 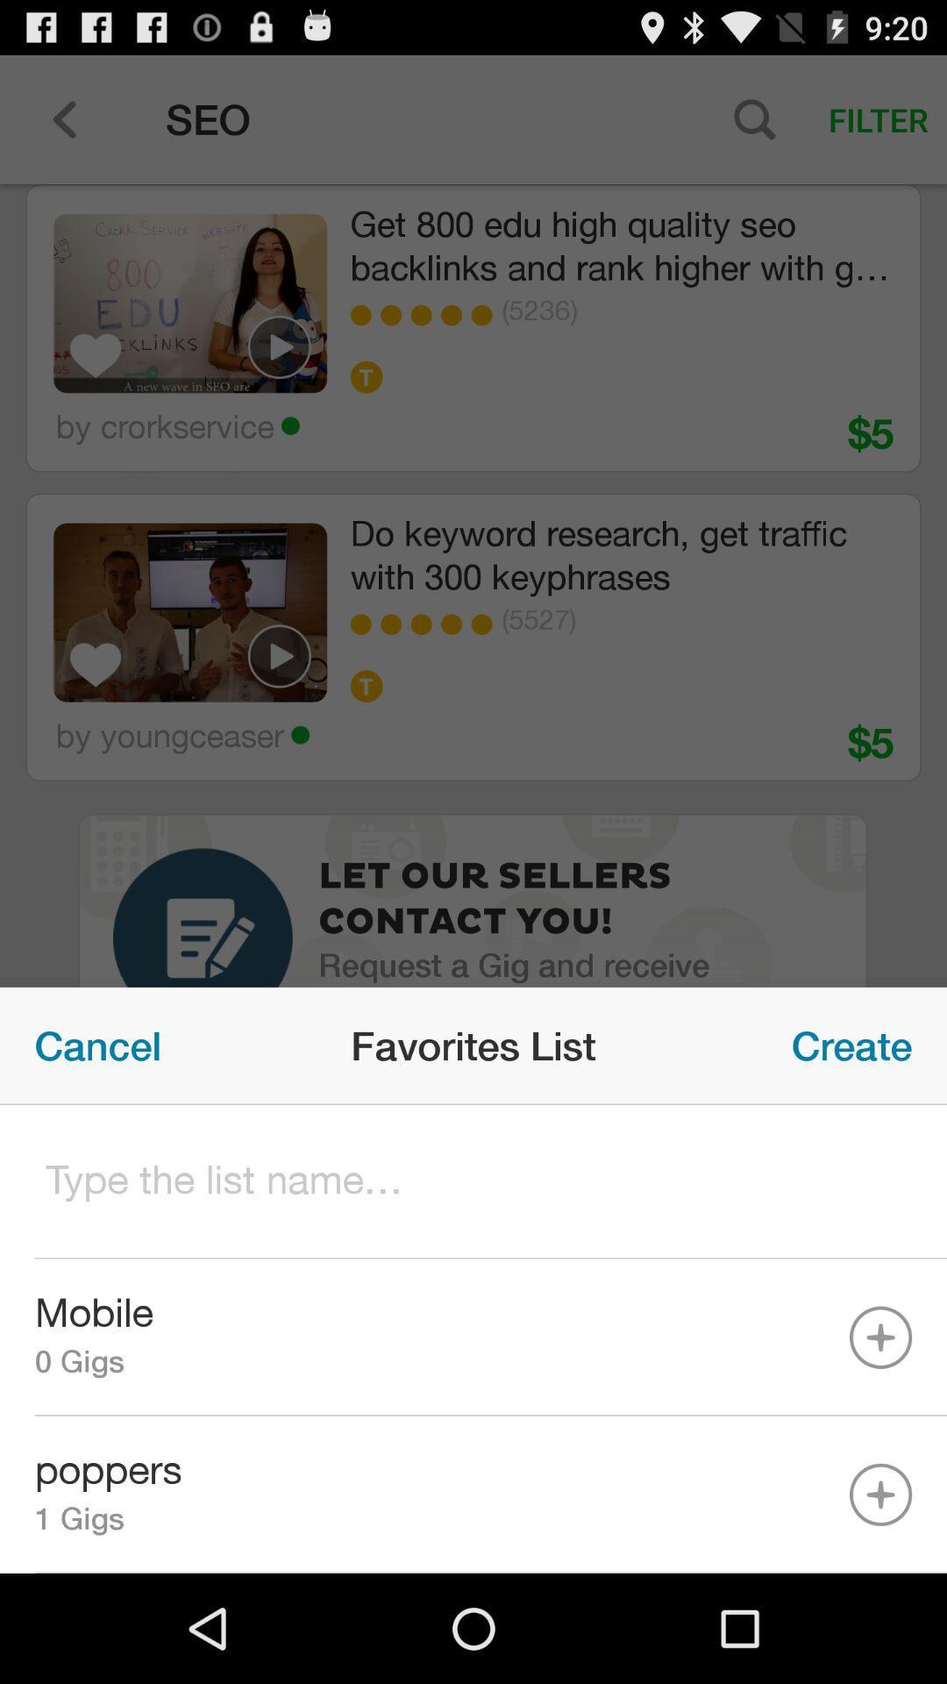 I want to click on the item next to favorites list item, so click(x=851, y=1045).